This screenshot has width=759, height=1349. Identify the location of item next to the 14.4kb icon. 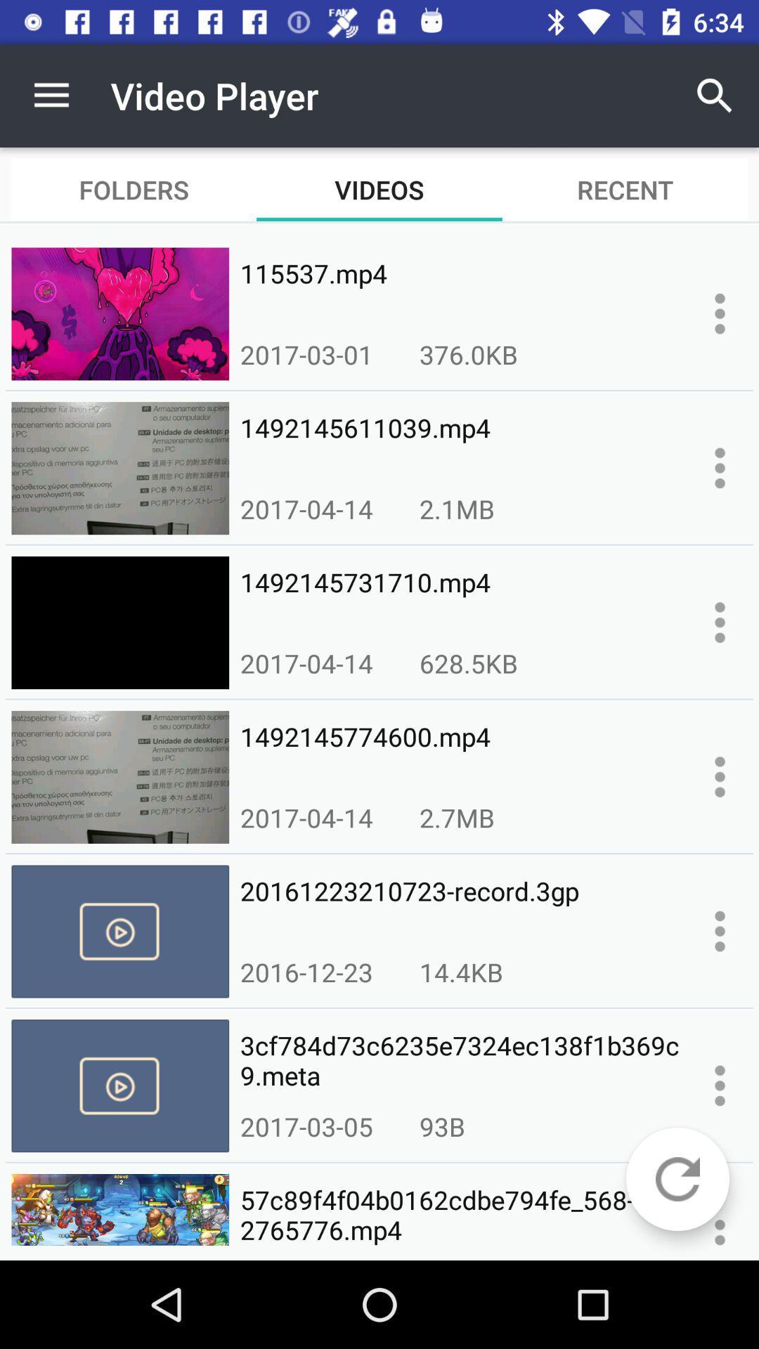
(306, 971).